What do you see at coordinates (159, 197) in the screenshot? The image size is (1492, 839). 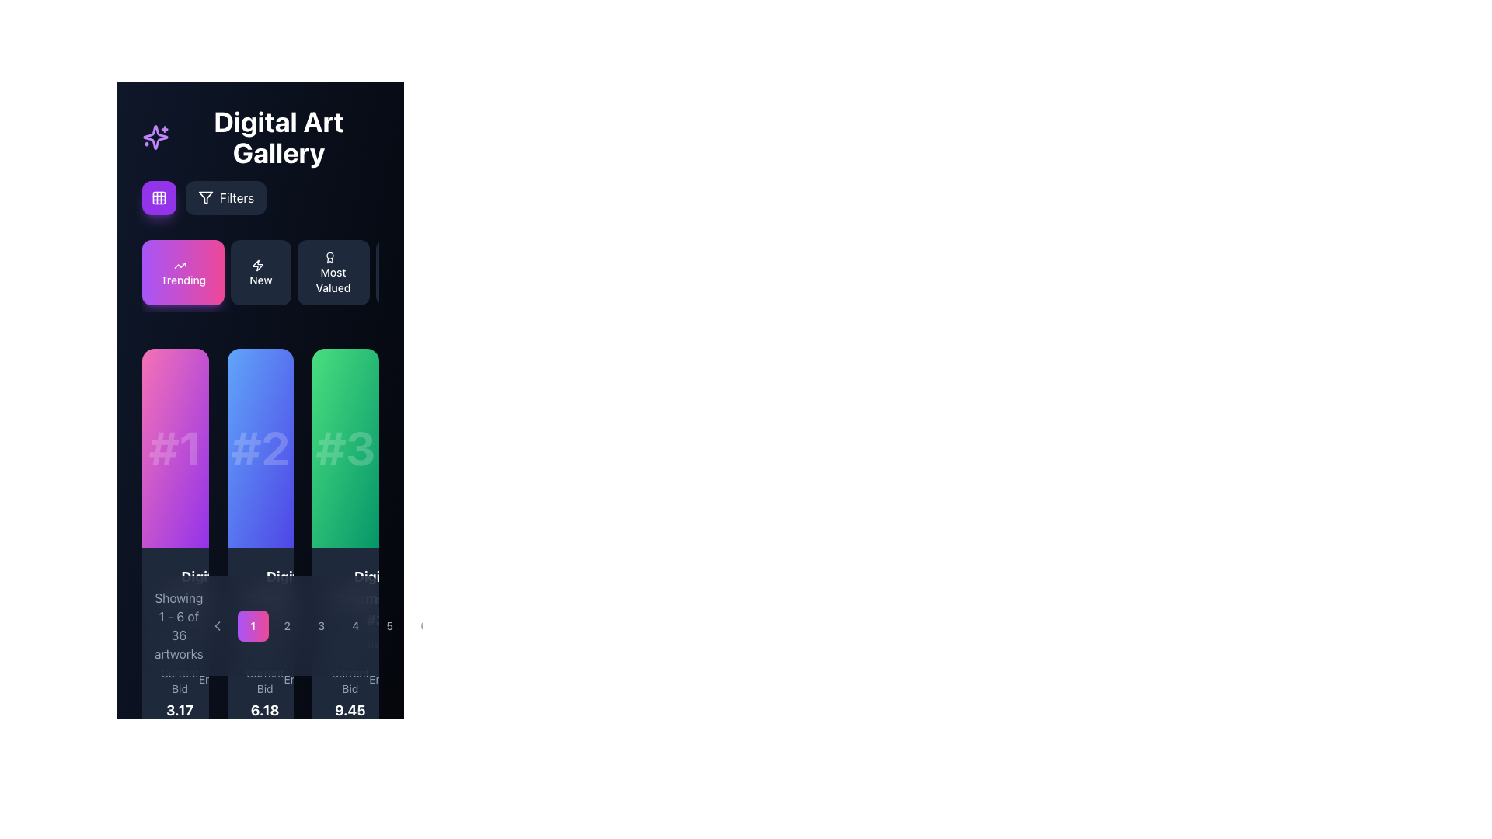 I see `the leftmost icon button in the upper button group, located directly beneath the logo area` at bounding box center [159, 197].